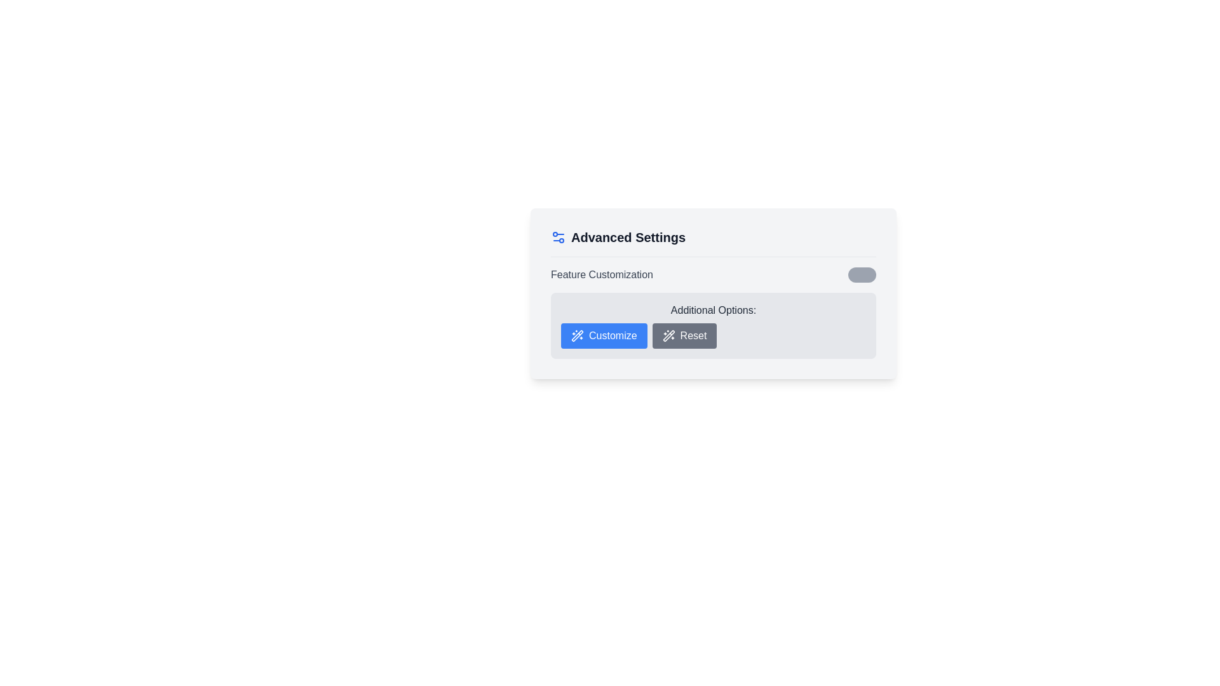  Describe the element at coordinates (862, 274) in the screenshot. I see `the toggle switch for 'Feature Customization'` at that location.